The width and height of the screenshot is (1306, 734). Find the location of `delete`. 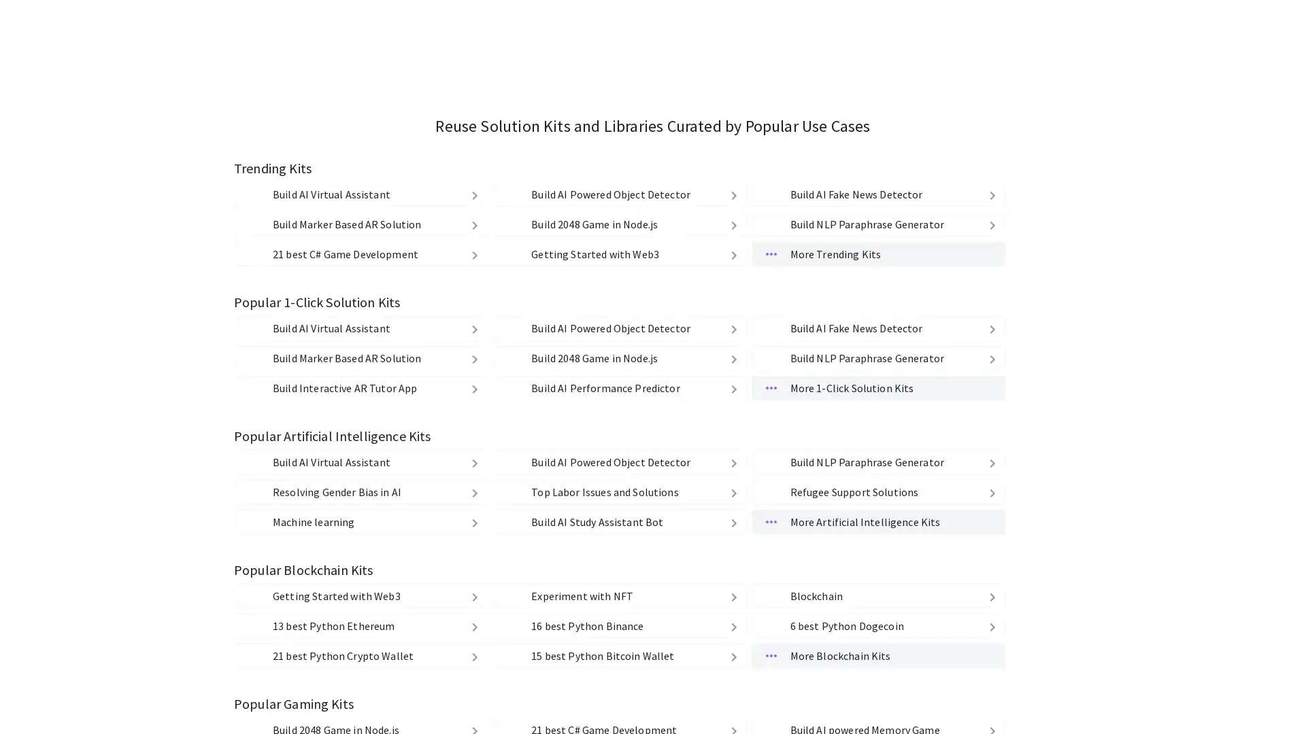

delete is located at coordinates (733, 700).